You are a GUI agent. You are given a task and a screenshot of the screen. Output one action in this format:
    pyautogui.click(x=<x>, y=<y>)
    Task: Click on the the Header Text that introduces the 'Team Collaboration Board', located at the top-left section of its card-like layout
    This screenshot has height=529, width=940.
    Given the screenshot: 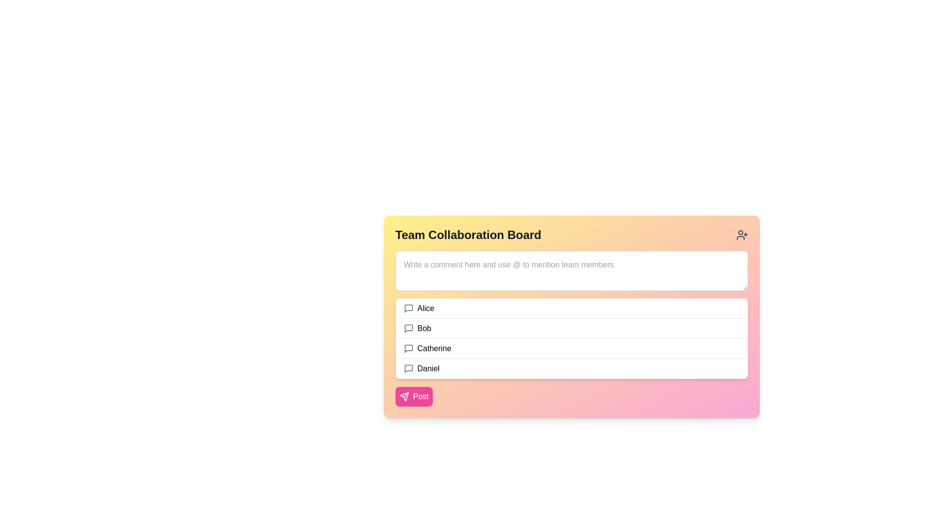 What is the action you would take?
    pyautogui.click(x=468, y=235)
    